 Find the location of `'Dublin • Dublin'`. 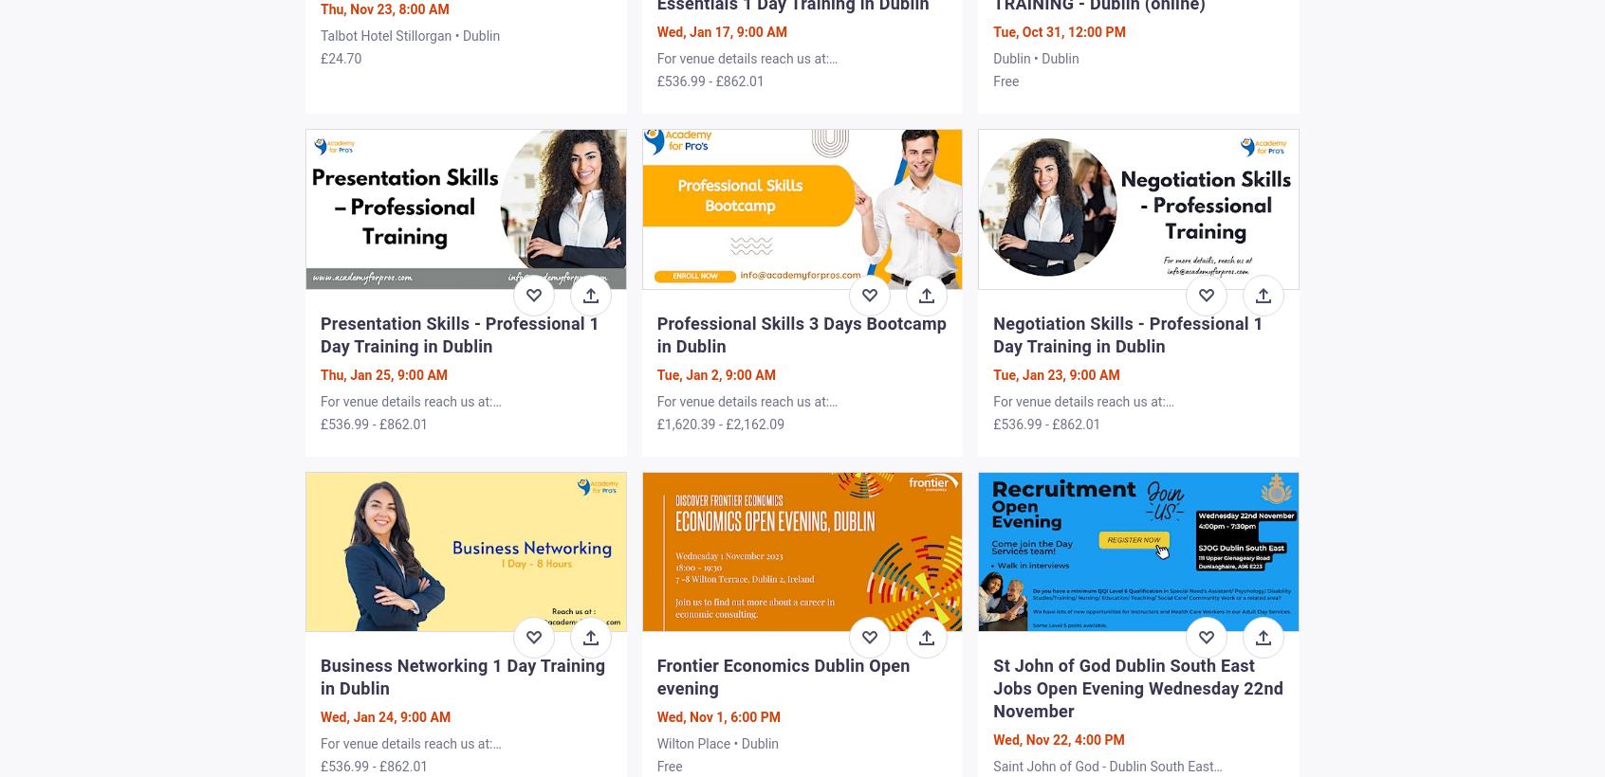

'Dublin • Dublin' is located at coordinates (1036, 58).